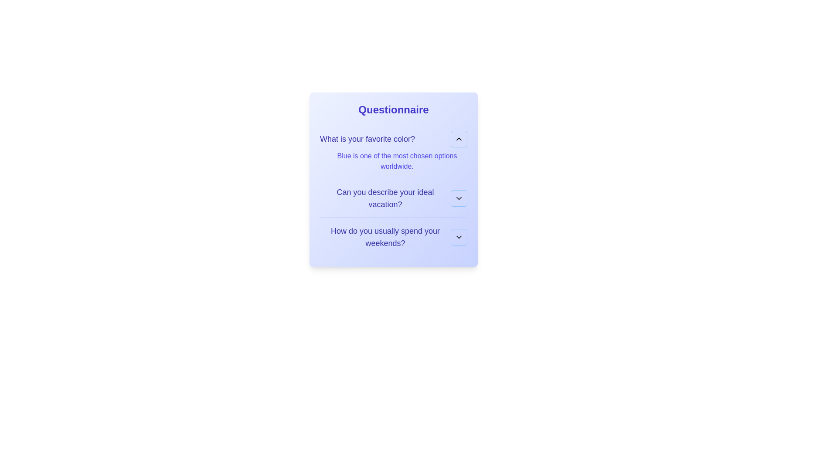  Describe the element at coordinates (458, 139) in the screenshot. I see `the toggle button to expand or collapse the details for the question` at that location.